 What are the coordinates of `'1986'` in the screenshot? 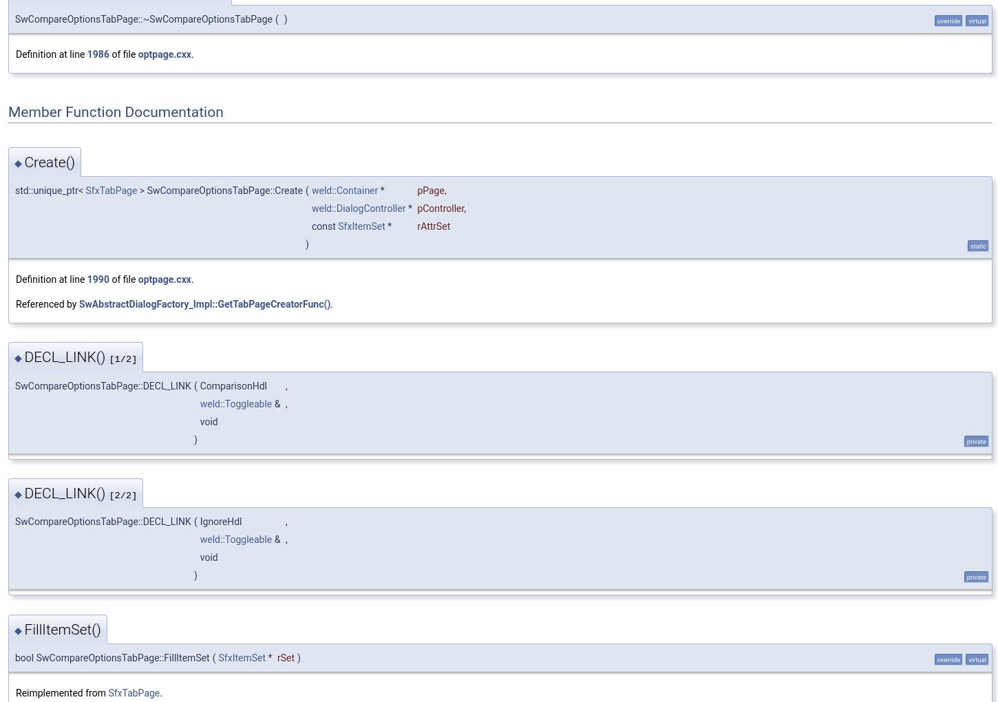 It's located at (96, 54).